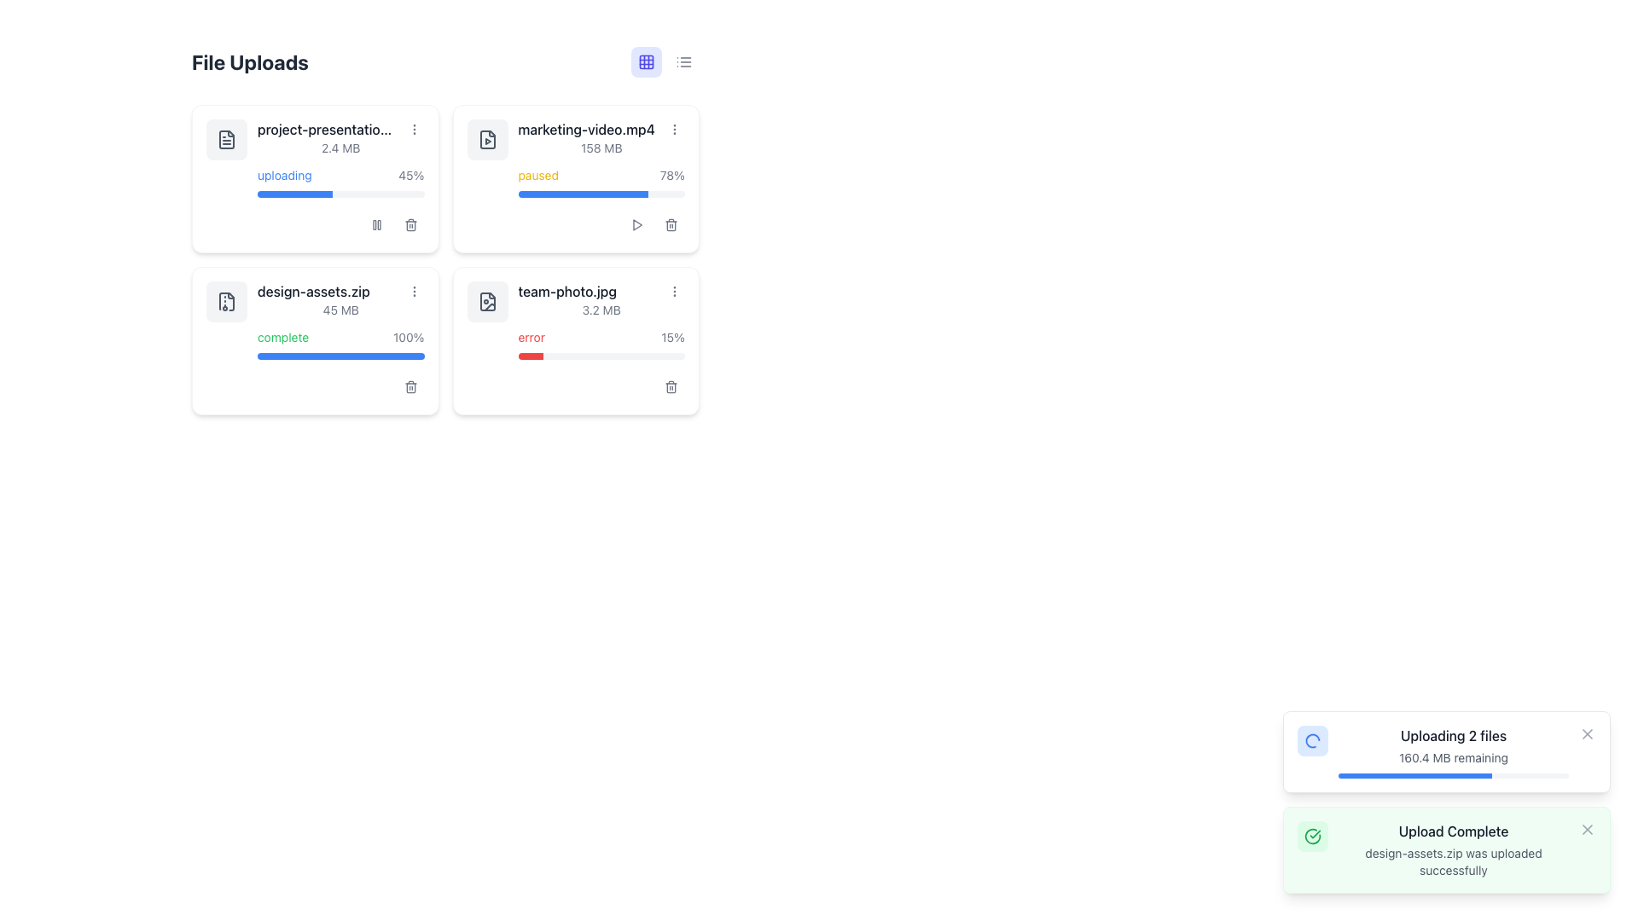  Describe the element at coordinates (567, 291) in the screenshot. I see `the static text label that displays the name of a file in the list of uploaded files, located in the lower-right tile of a 2x2 grid format` at that location.